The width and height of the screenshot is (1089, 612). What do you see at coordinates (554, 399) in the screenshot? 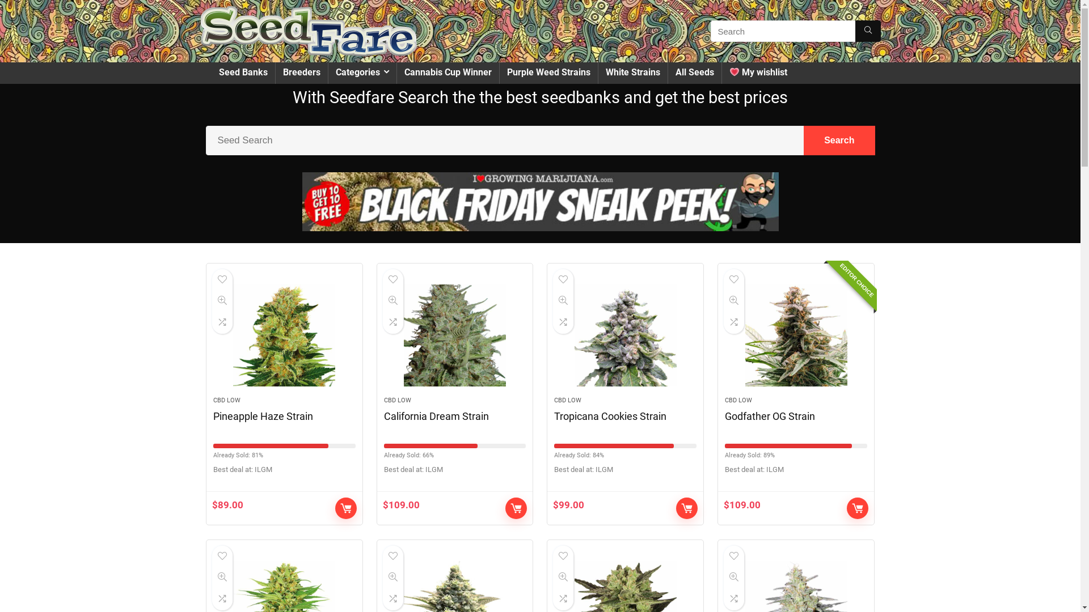
I see `'CBD LOW'` at bounding box center [554, 399].